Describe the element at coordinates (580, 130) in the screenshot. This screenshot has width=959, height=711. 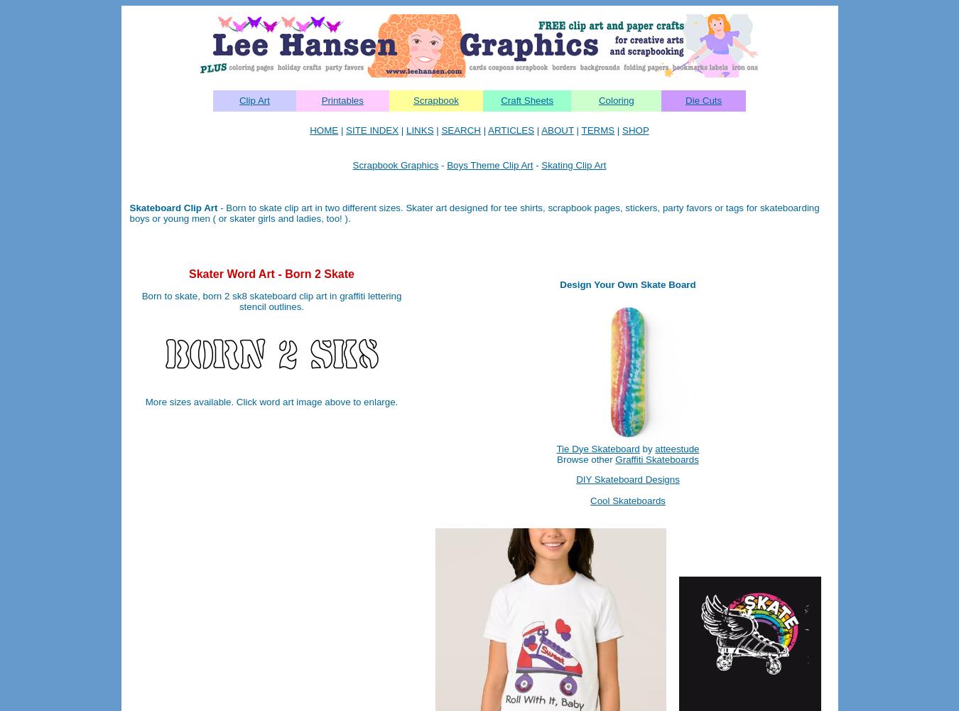
I see `'TERMS'` at that location.